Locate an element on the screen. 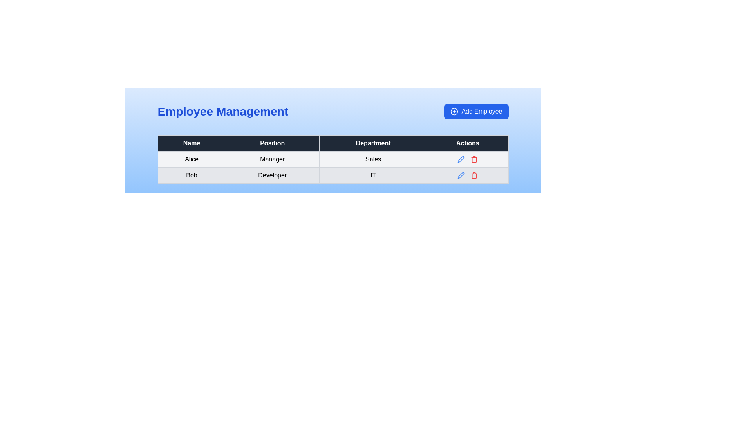  the delete action button located in the 'Actions' column for the first row under 'Alice' is located at coordinates (474, 159).